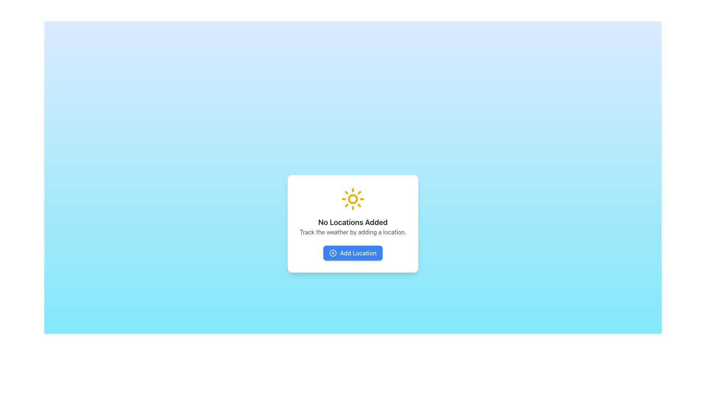 Image resolution: width=721 pixels, height=405 pixels. I want to click on the informational block that indicates no locations have been added for weather tracking, which is located above the 'Add Location' button, so click(353, 211).